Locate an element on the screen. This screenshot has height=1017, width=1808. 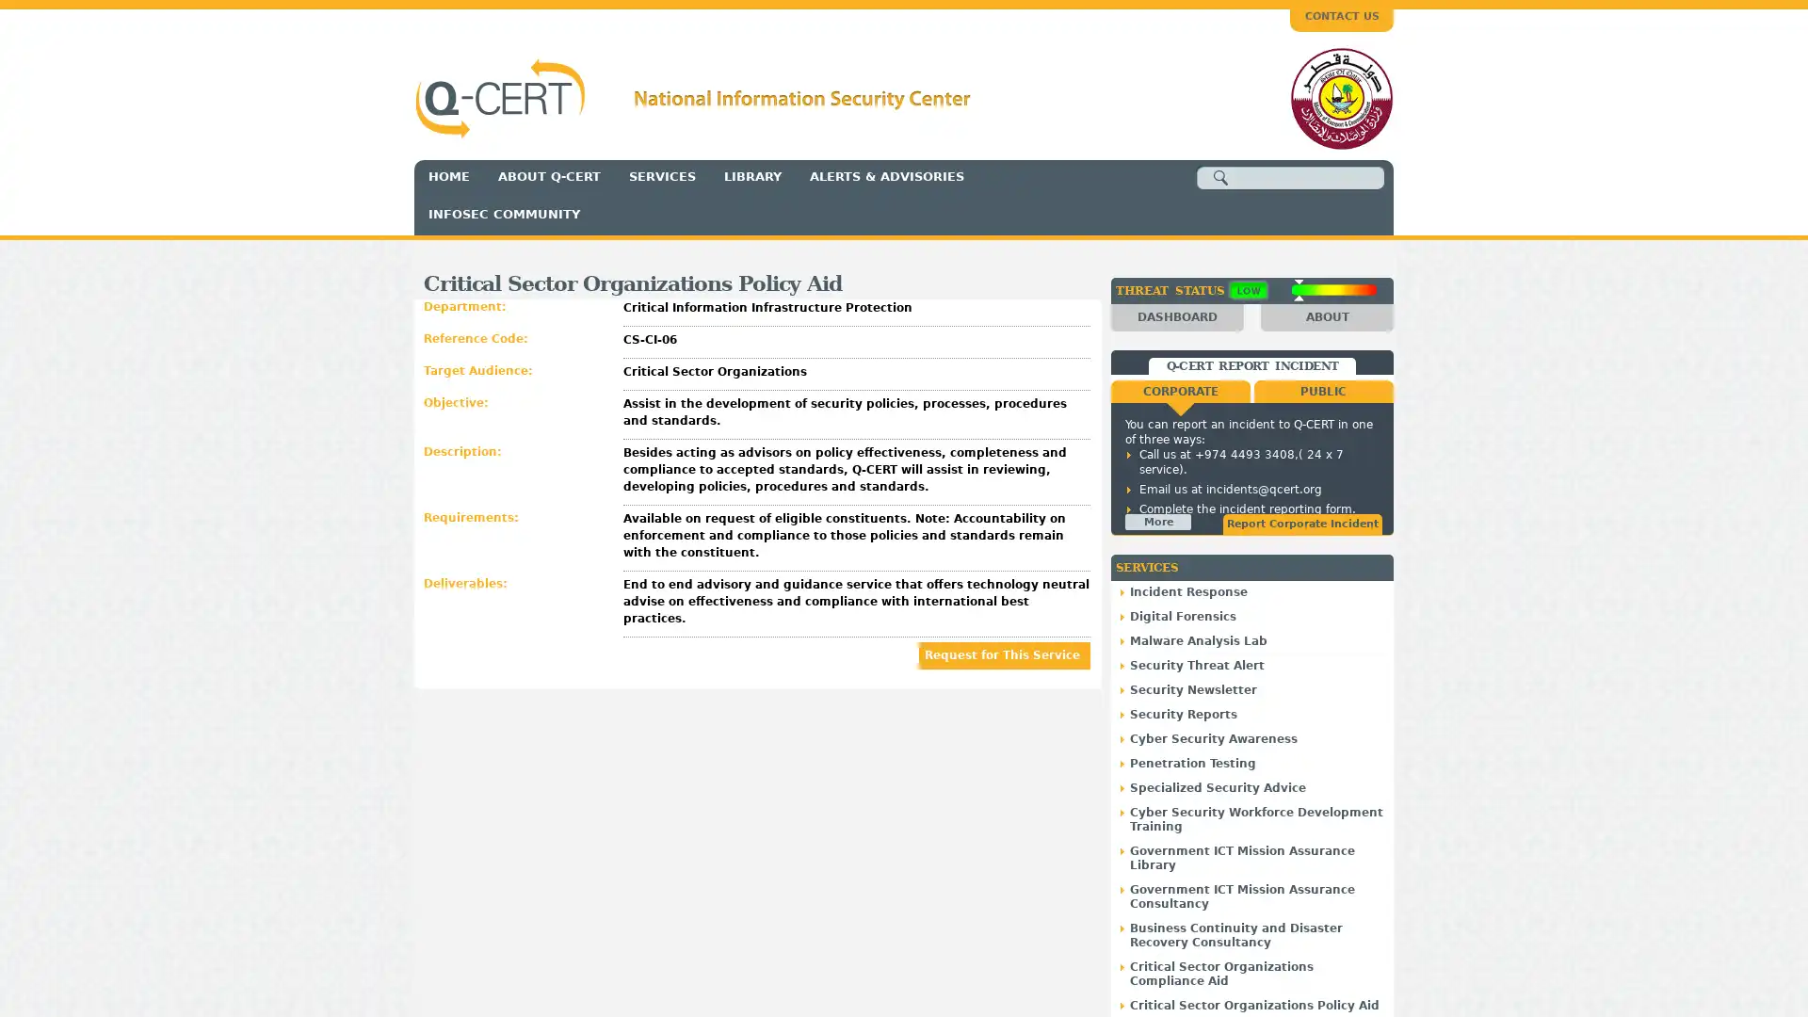
Search is located at coordinates (1220, 178).